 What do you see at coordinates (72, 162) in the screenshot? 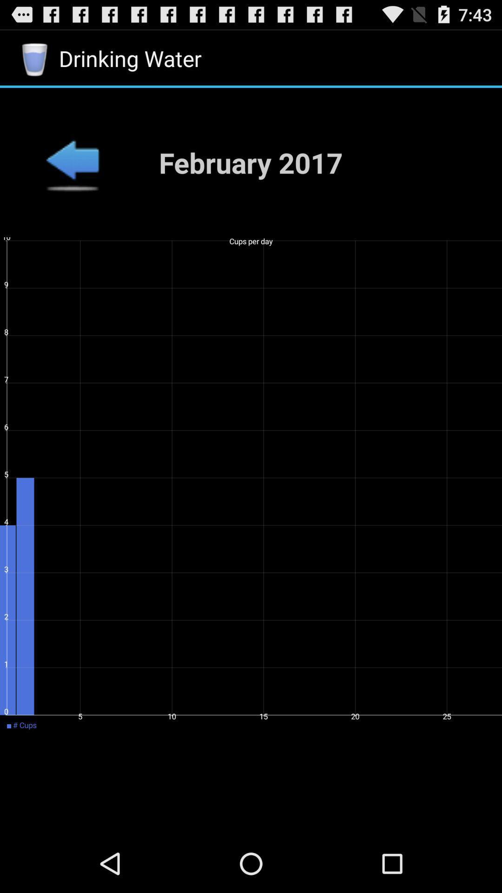
I see `the item next to the february 2017 item` at bounding box center [72, 162].